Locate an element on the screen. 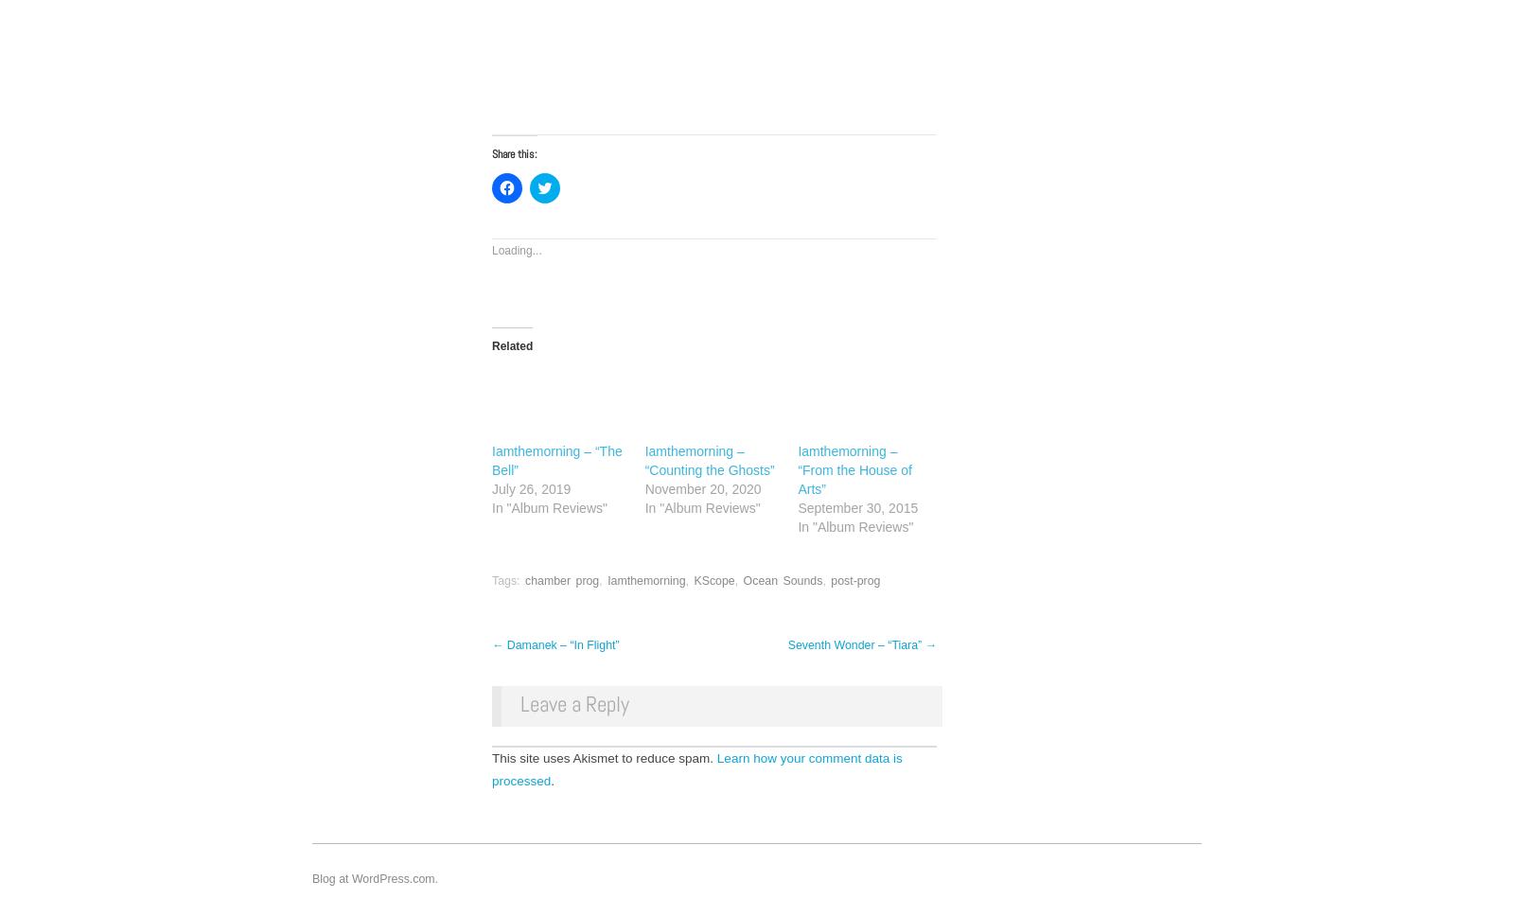 This screenshot has width=1514, height=916. 'KScope' is located at coordinates (713, 580).